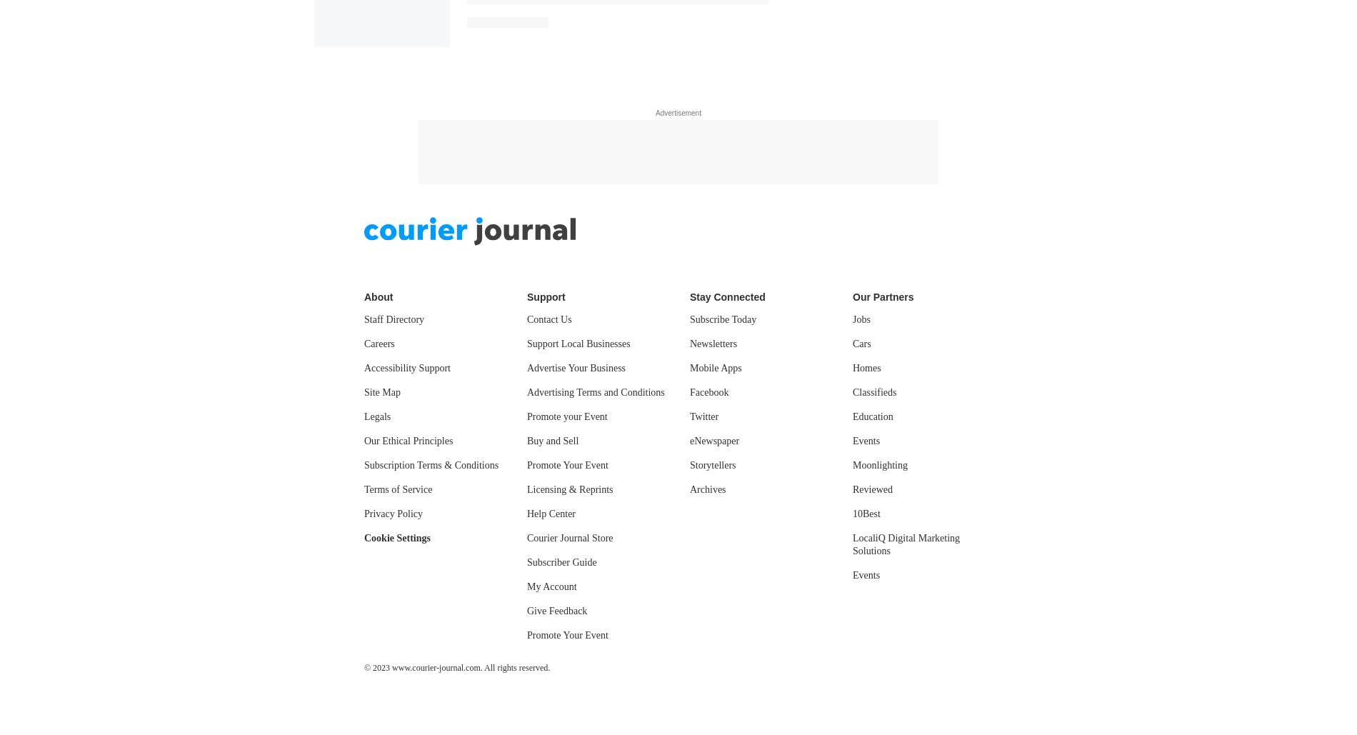  What do you see at coordinates (456, 266) in the screenshot?
I see `'© 2023 www.courier-journal.com. All rights reserved.'` at bounding box center [456, 266].